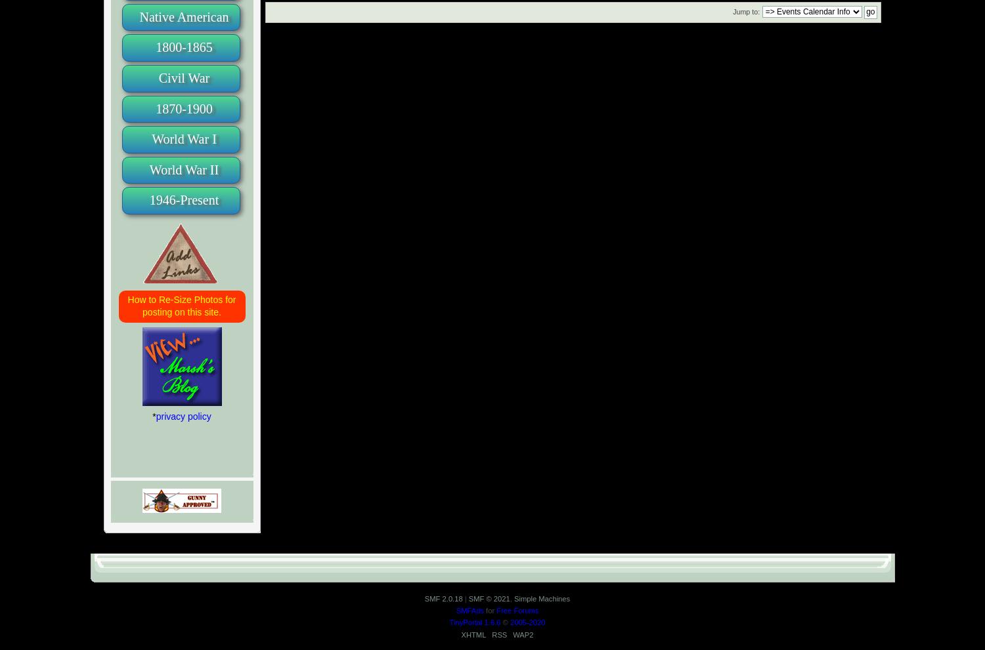 This screenshot has height=650, width=985. Describe the element at coordinates (513, 635) in the screenshot. I see `'WAP2'` at that location.